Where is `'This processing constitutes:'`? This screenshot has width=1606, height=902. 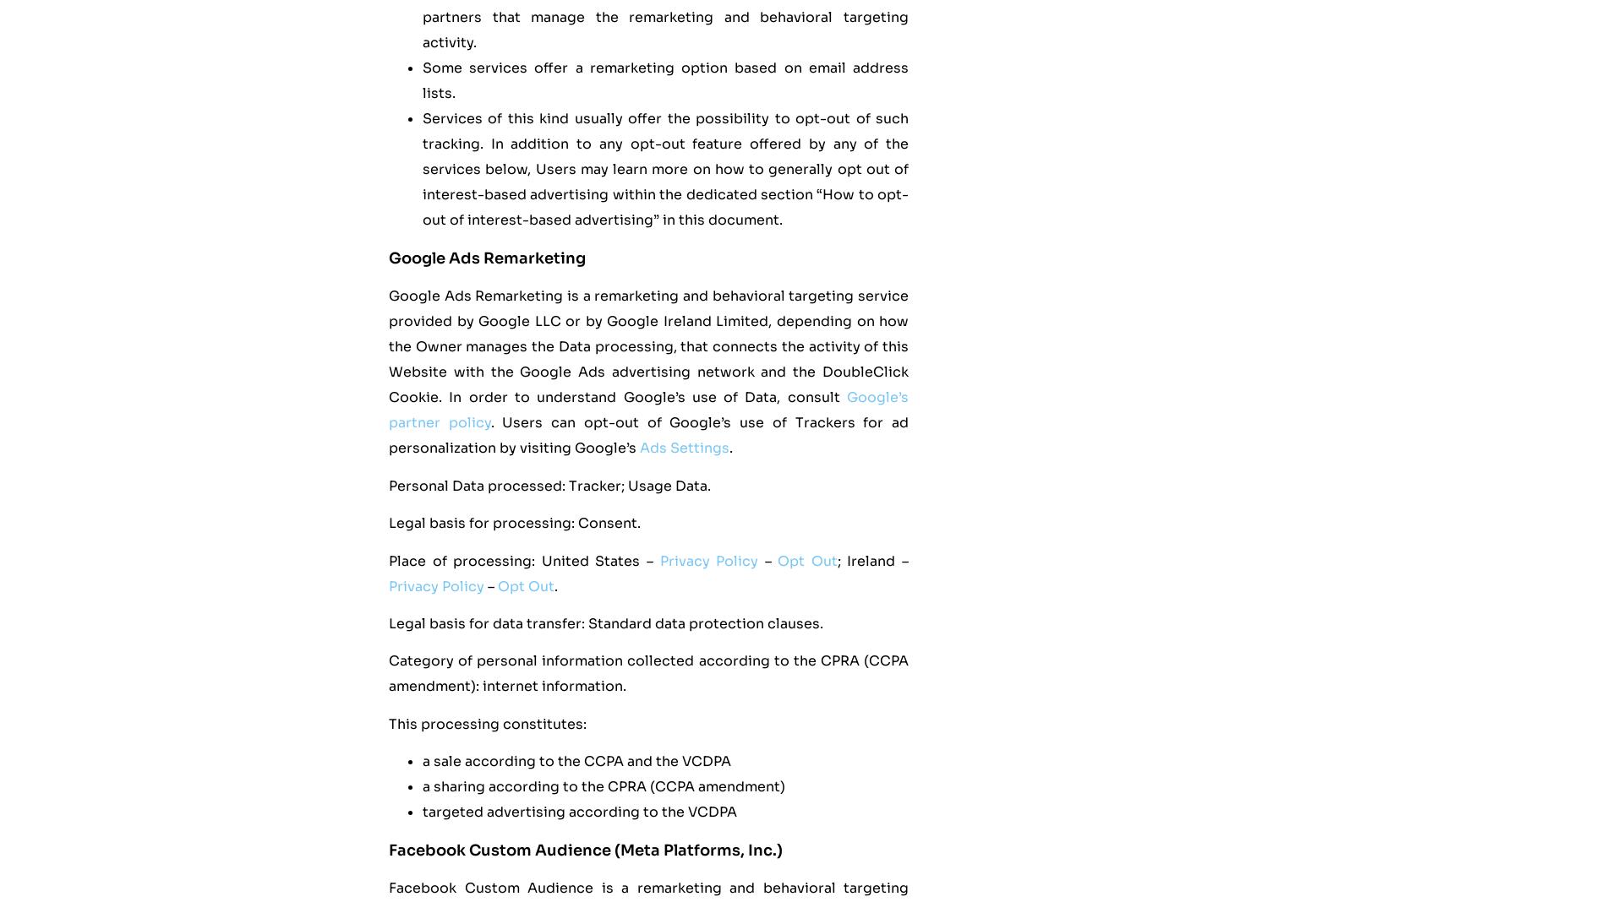
'This processing constitutes:' is located at coordinates (488, 722).